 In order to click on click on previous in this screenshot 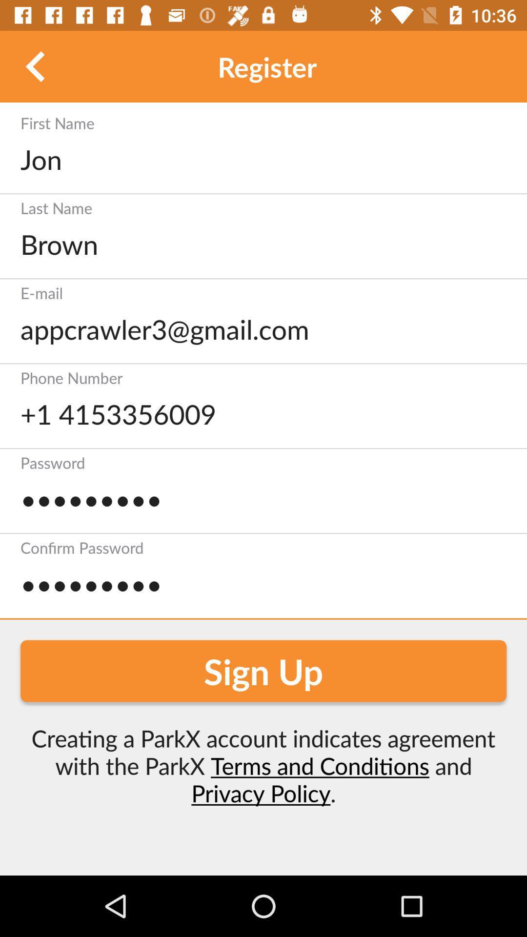, I will do `click(35, 66)`.